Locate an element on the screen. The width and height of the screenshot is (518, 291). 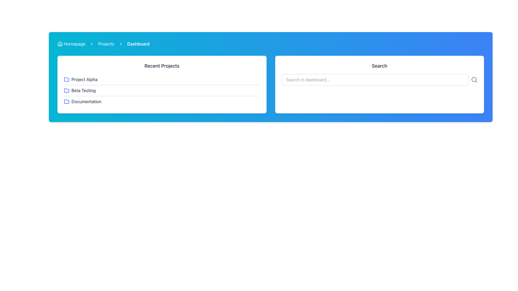
the home icon located at the far left of the breadcrumb navigation bar, preceding the text 'Homepage', to indicate navigation to the homepage is located at coordinates (60, 43).